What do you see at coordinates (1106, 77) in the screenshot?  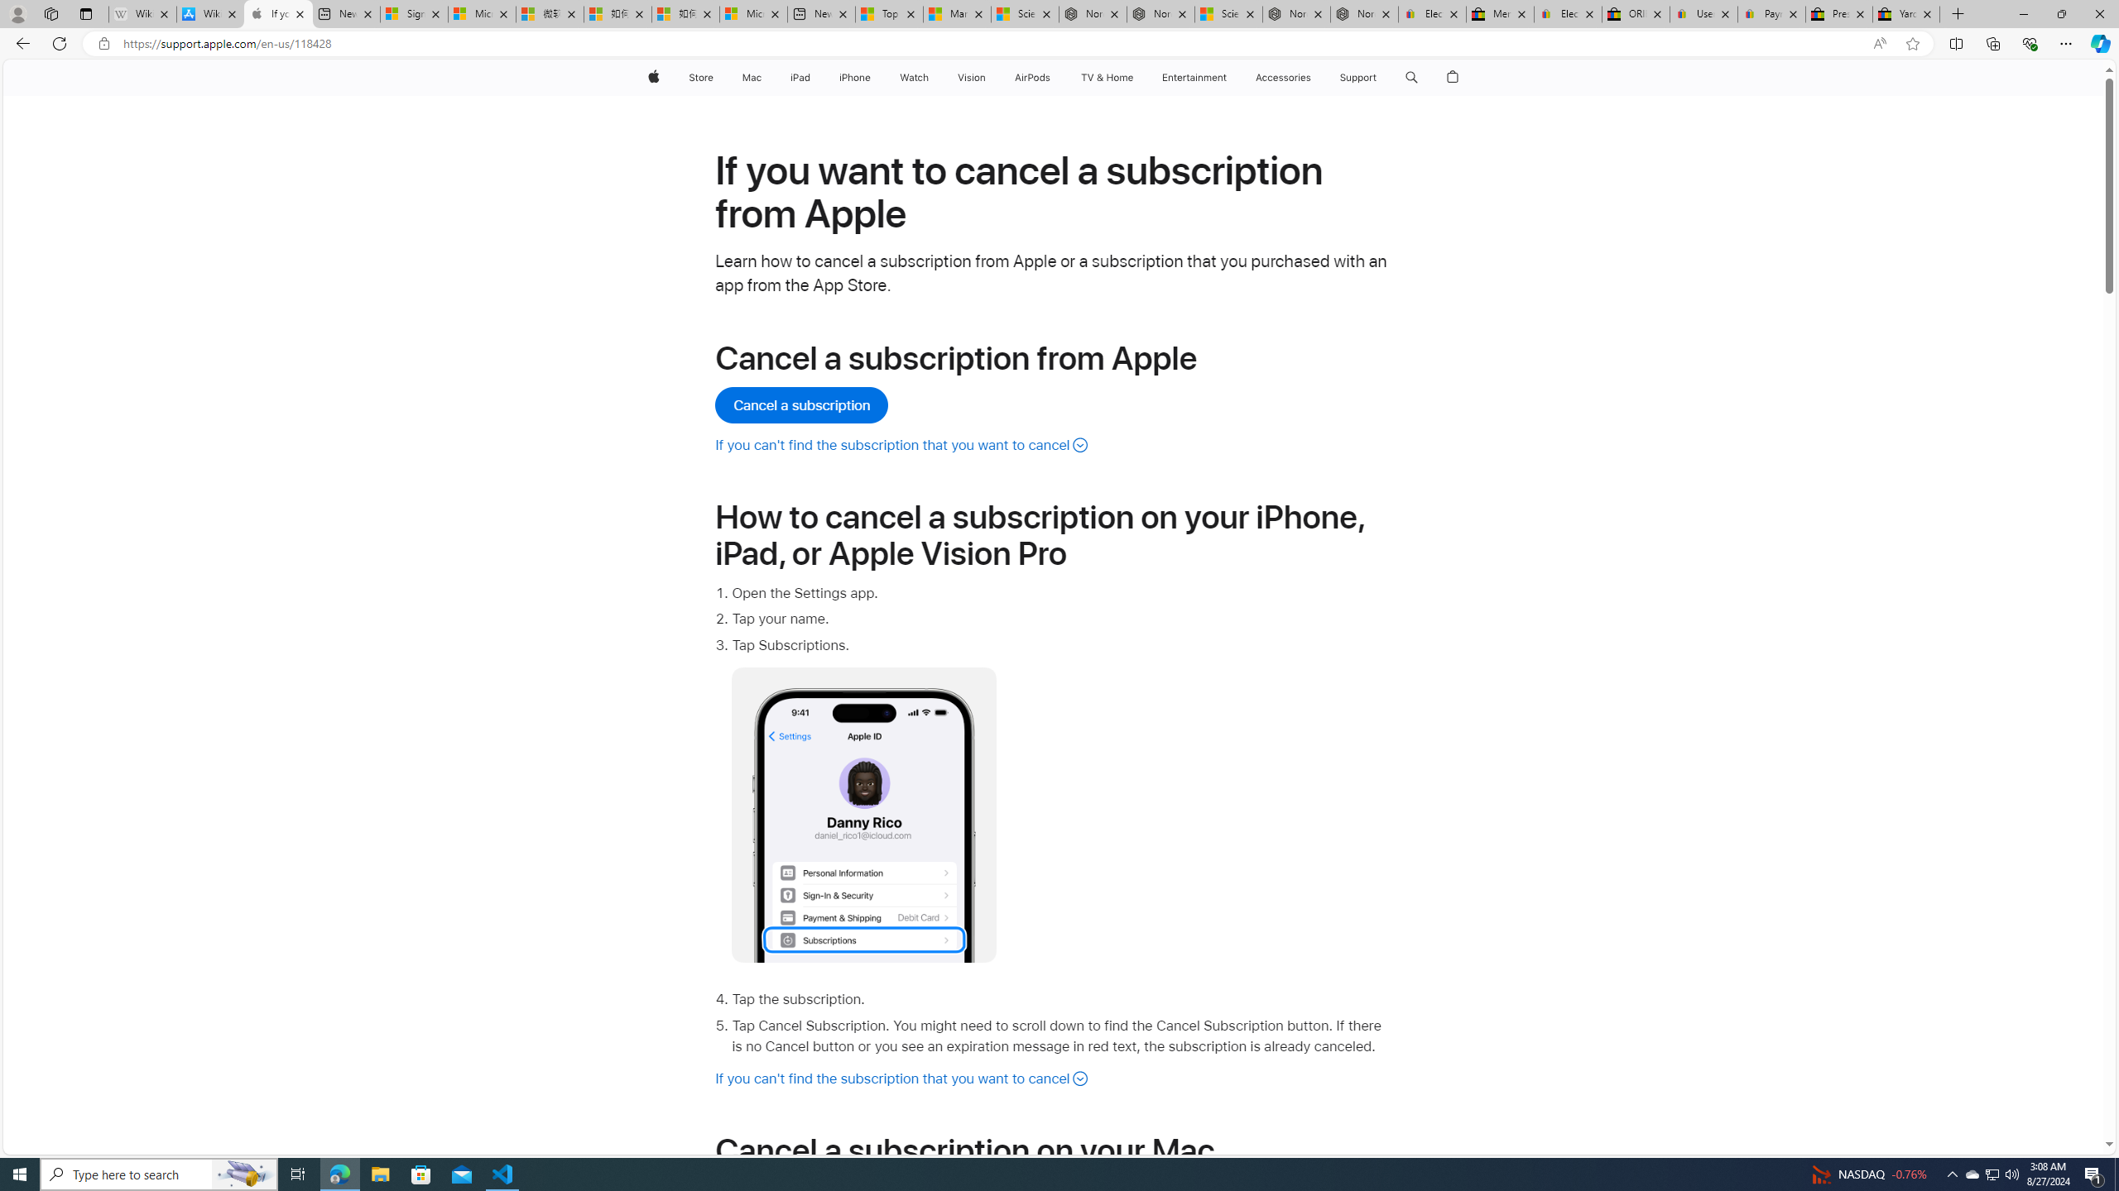 I see `'TV and Home'` at bounding box center [1106, 77].